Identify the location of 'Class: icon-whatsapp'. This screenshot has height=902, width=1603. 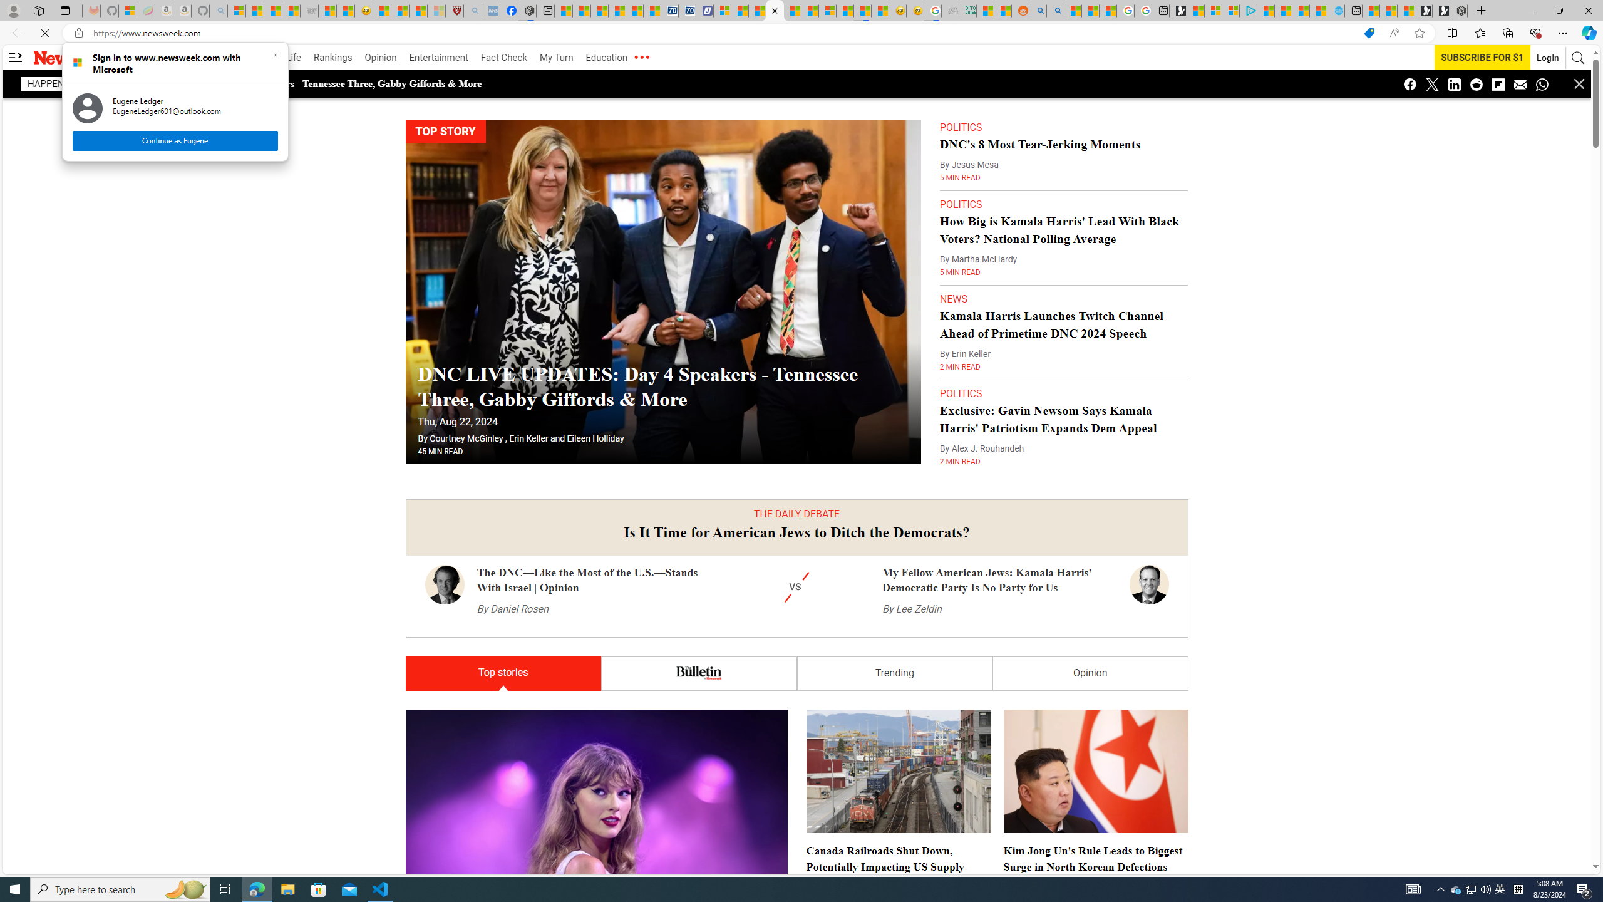
(1542, 83).